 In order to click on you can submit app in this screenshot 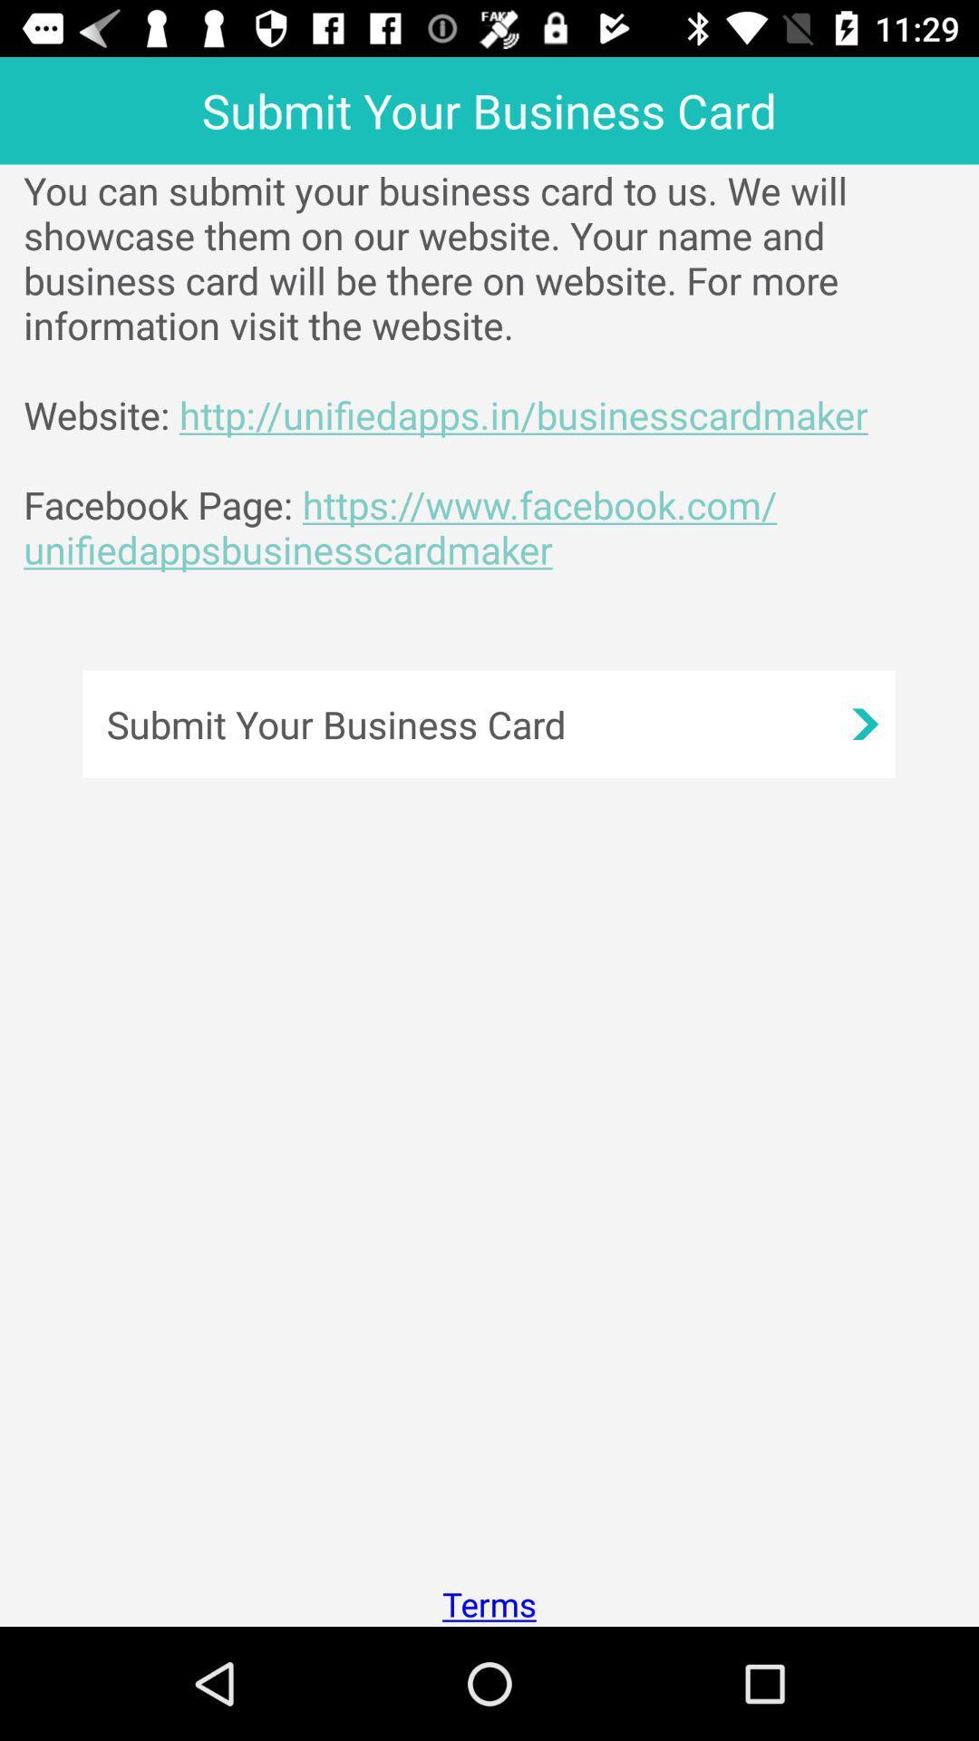, I will do `click(501, 369)`.